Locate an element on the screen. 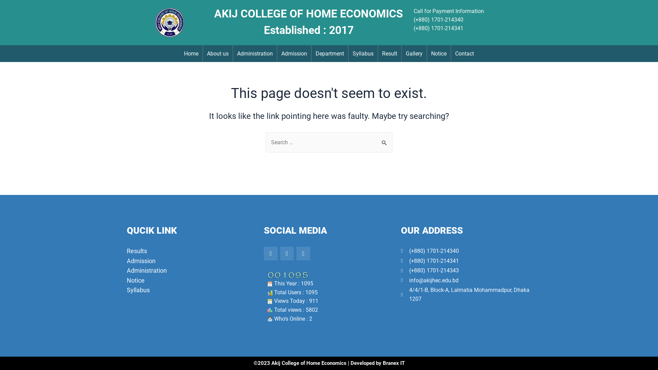  'Admission' is located at coordinates (294, 53).